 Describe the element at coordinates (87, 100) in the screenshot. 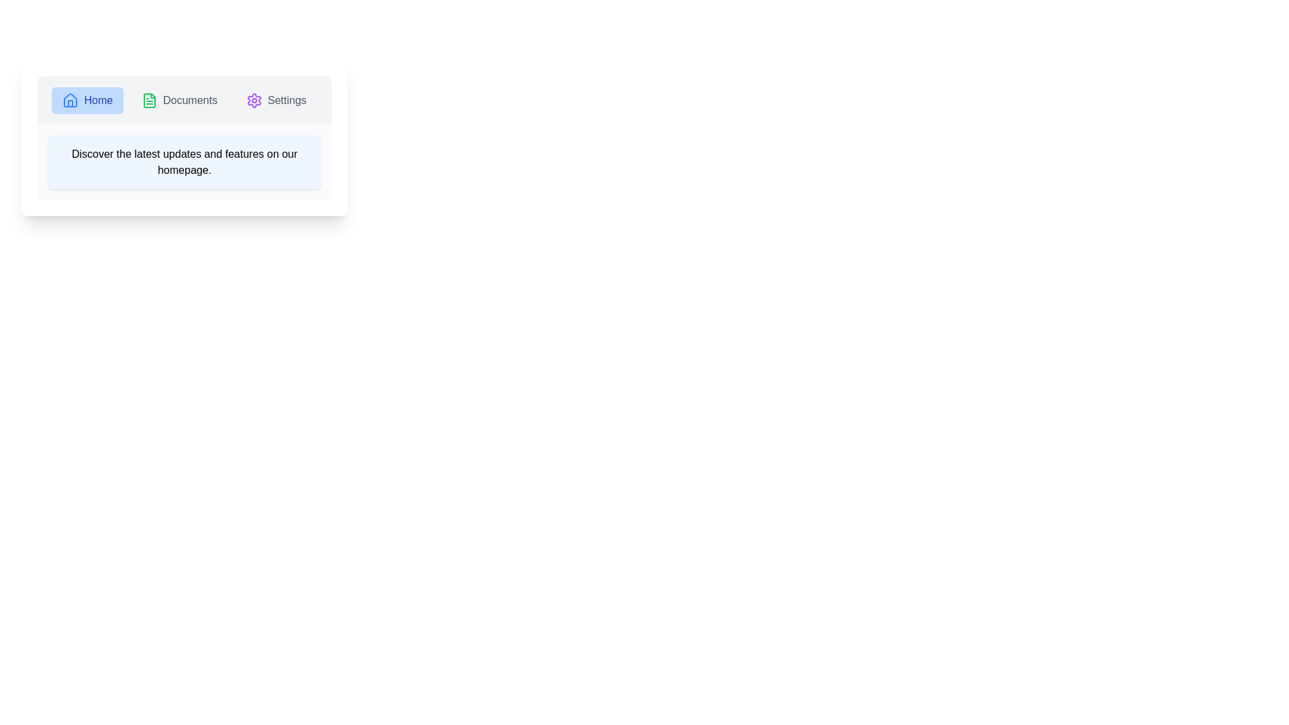

I see `the Home tab by clicking on it` at that location.